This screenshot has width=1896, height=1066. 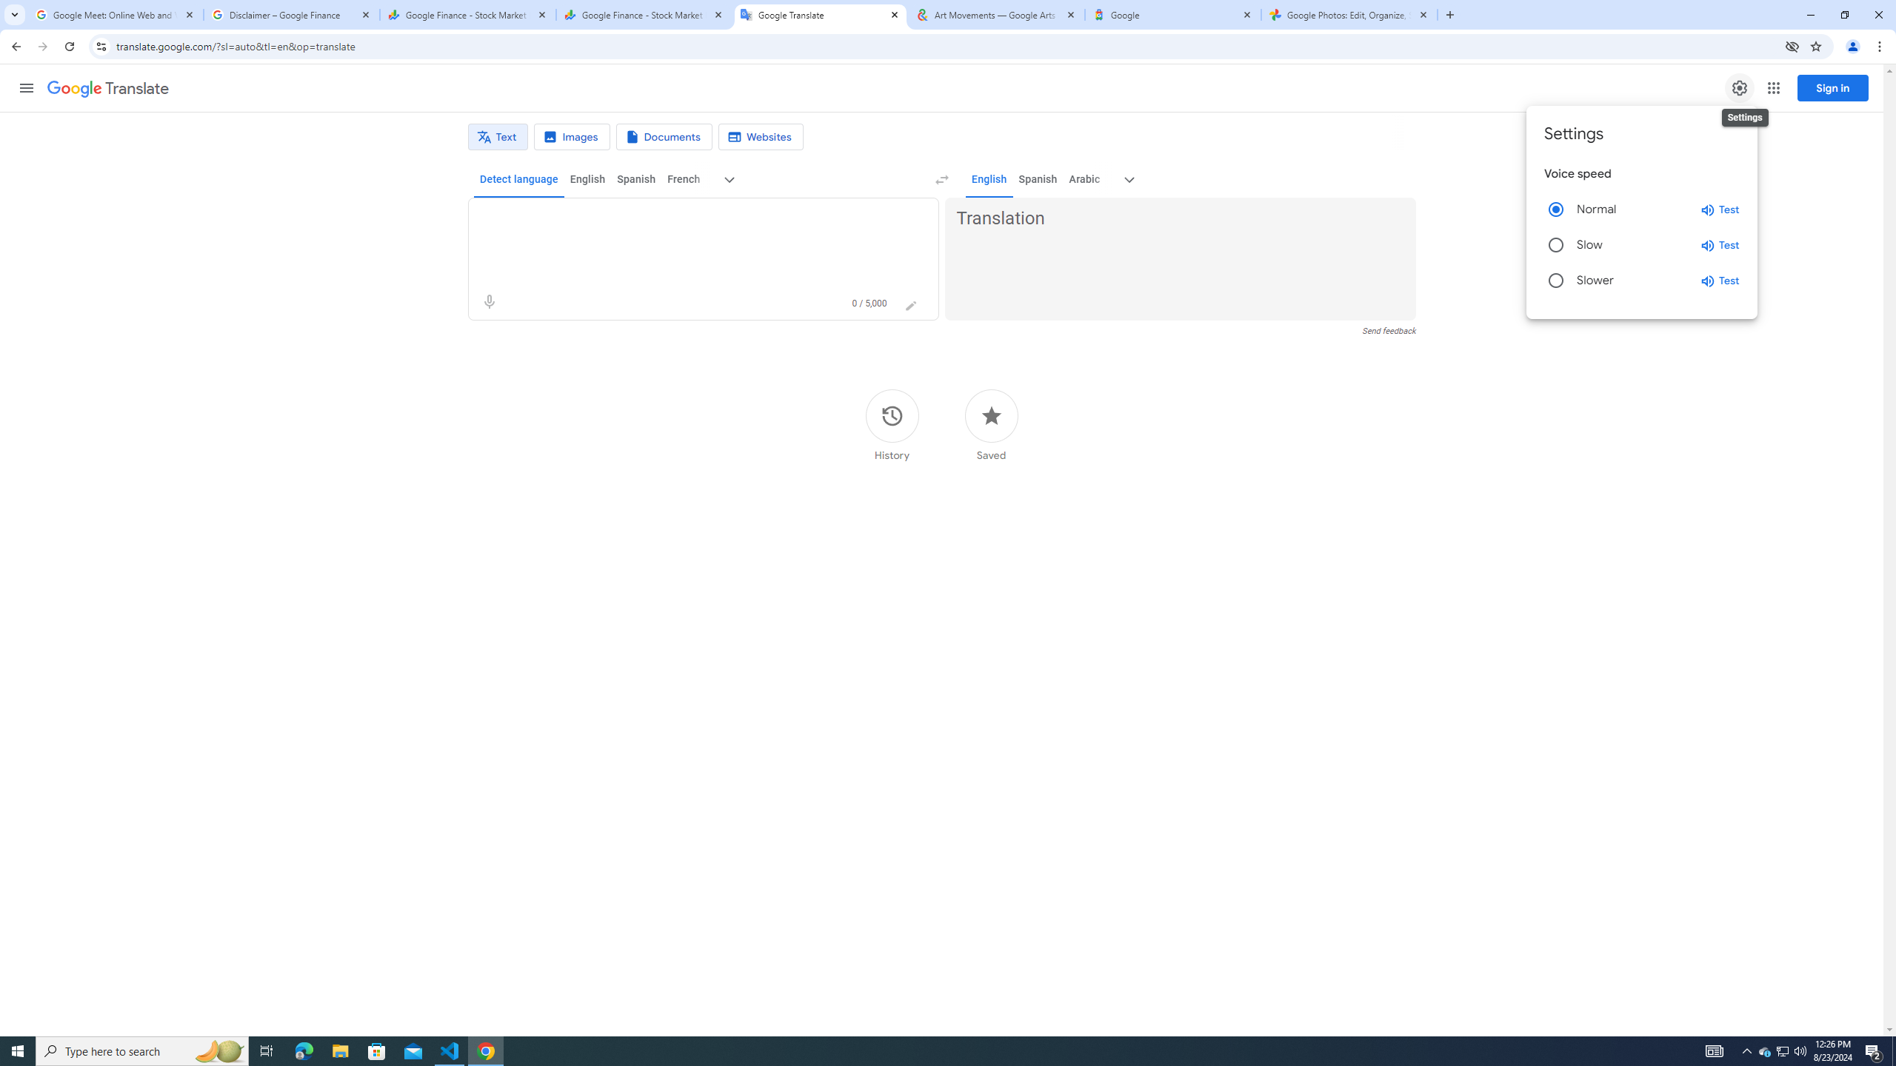 What do you see at coordinates (990, 425) in the screenshot?
I see `'Saved'` at bounding box center [990, 425].